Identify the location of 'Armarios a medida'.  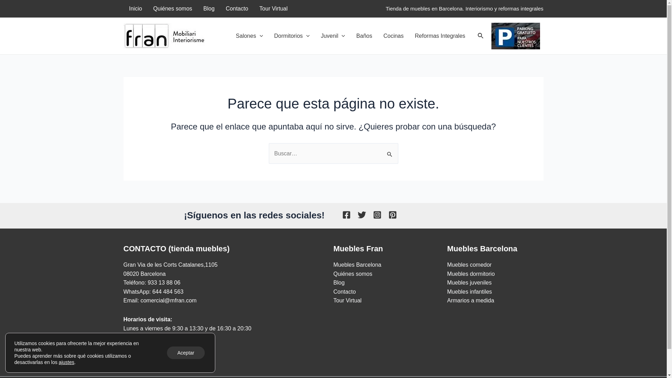
(470, 300).